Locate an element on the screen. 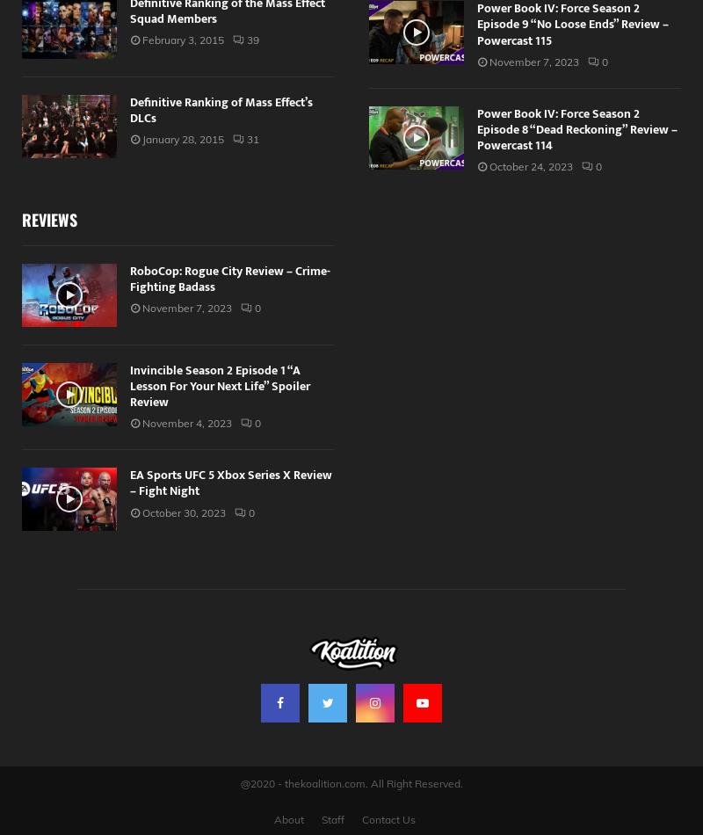 The width and height of the screenshot is (703, 835). 'Power Book IV: Force Season 2 Episode 8 “Dead Reckoning” Review – Powercast 114' is located at coordinates (576, 128).